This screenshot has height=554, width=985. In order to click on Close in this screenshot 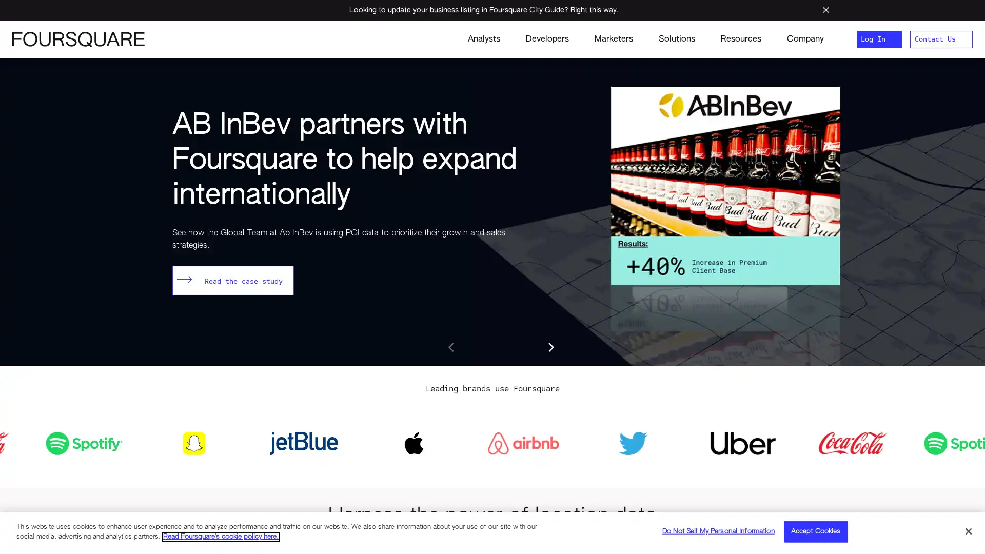, I will do `click(968, 530)`.